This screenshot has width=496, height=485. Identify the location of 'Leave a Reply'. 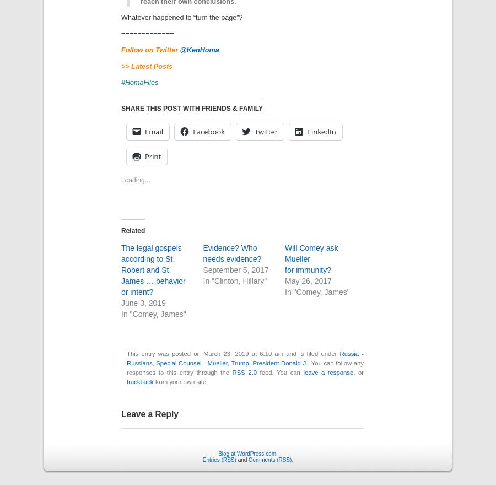
(149, 413).